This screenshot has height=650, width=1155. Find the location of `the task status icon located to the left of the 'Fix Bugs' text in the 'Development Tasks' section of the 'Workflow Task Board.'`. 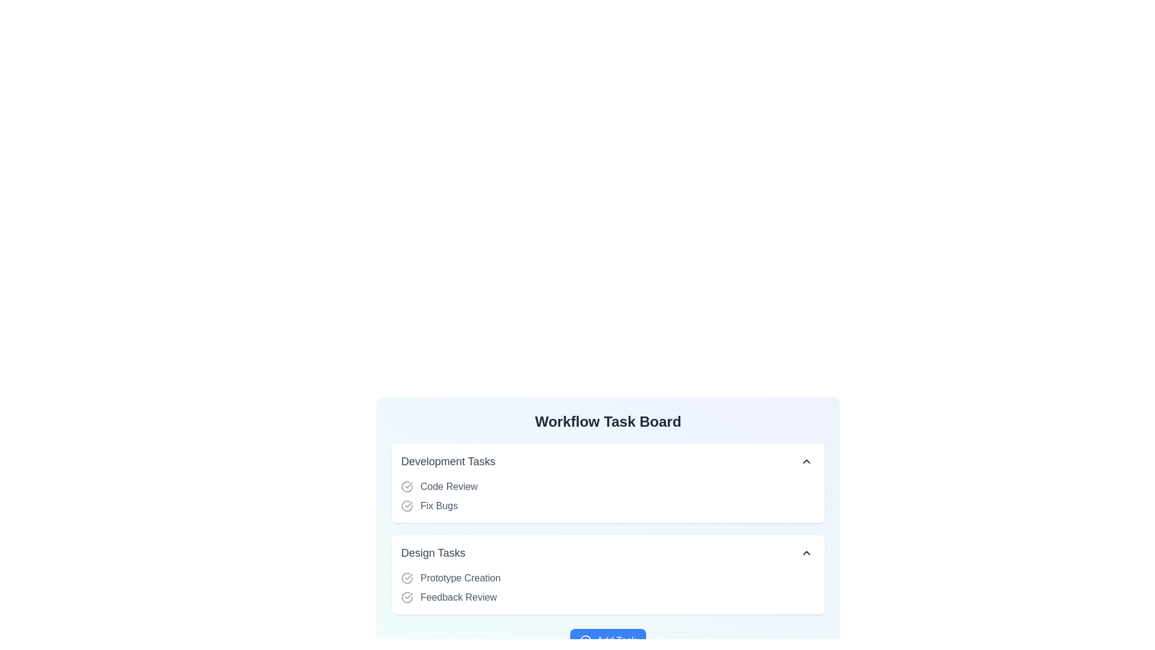

the task status icon located to the left of the 'Fix Bugs' text in the 'Development Tasks' section of the 'Workflow Task Board.' is located at coordinates (407, 506).